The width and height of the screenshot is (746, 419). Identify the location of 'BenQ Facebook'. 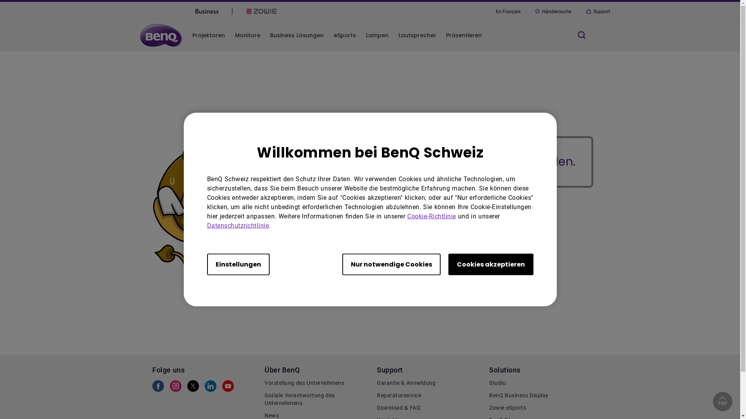
(158, 388).